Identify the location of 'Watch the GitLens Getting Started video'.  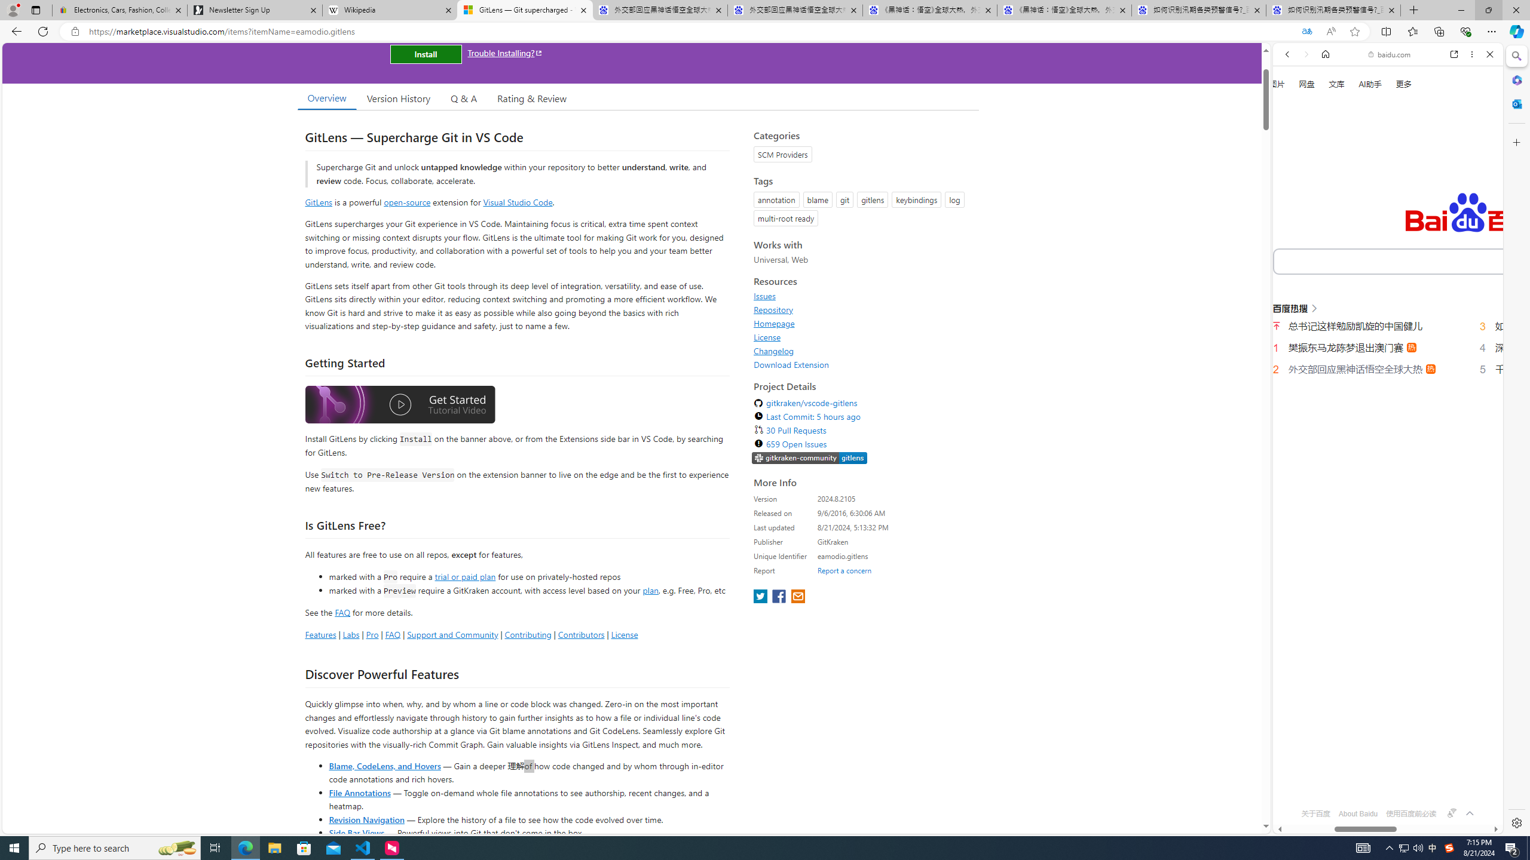
(399, 407).